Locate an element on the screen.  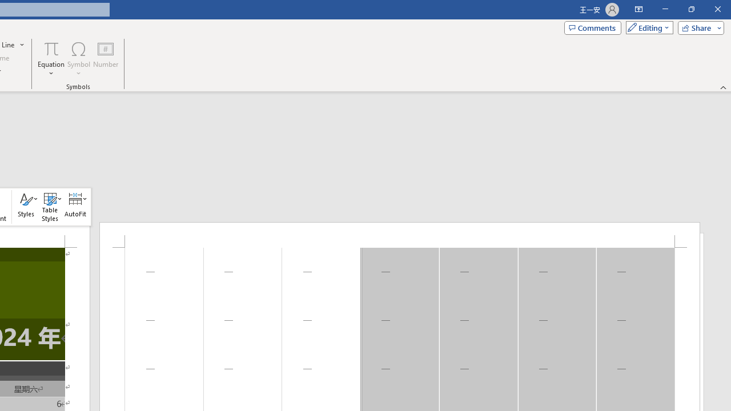
'Styles' is located at coordinates (26, 207).